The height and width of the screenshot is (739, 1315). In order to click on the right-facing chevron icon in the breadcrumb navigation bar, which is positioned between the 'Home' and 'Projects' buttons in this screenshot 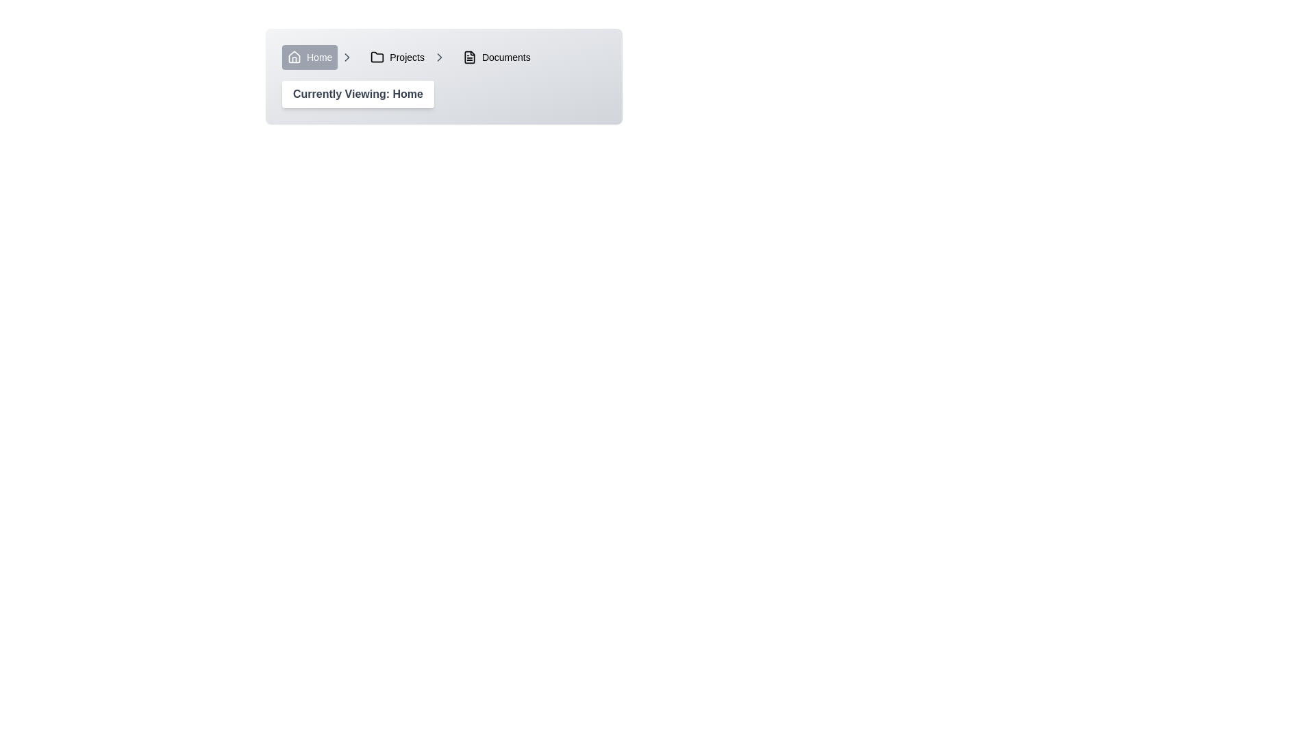, I will do `click(439, 57)`.